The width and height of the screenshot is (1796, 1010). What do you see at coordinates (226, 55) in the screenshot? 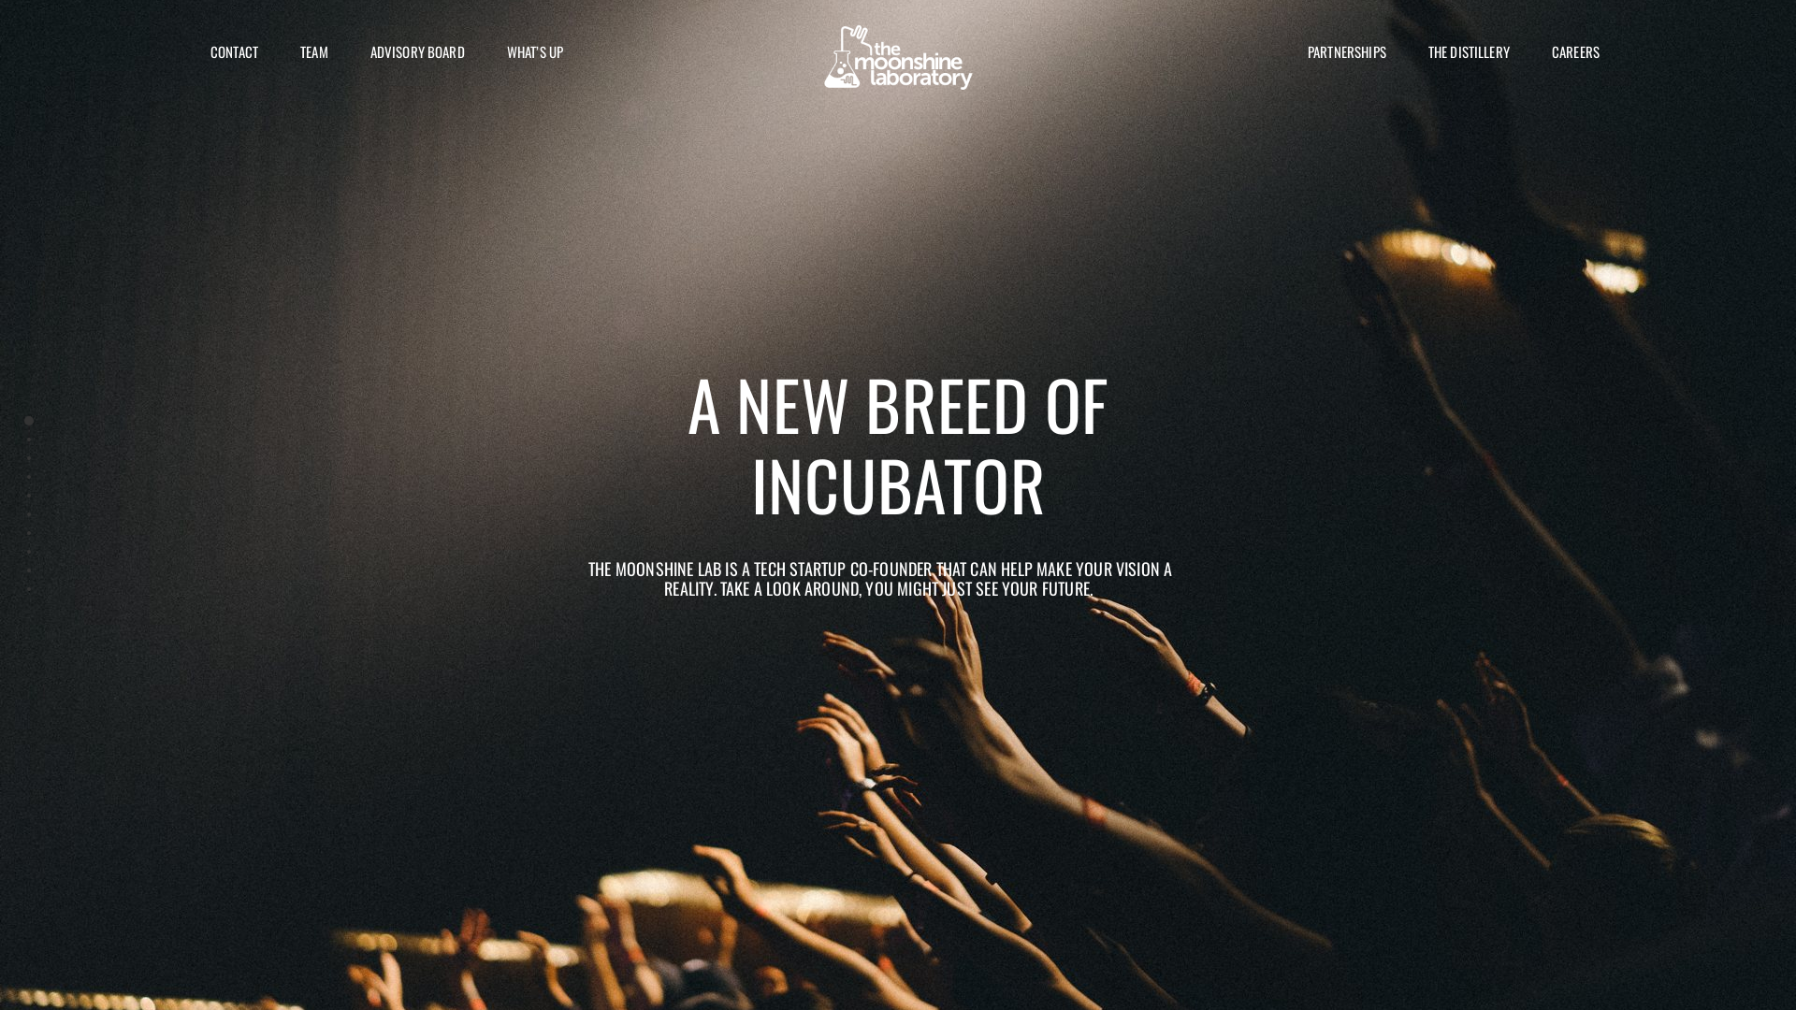
I see `'CONTACT'` at bounding box center [226, 55].